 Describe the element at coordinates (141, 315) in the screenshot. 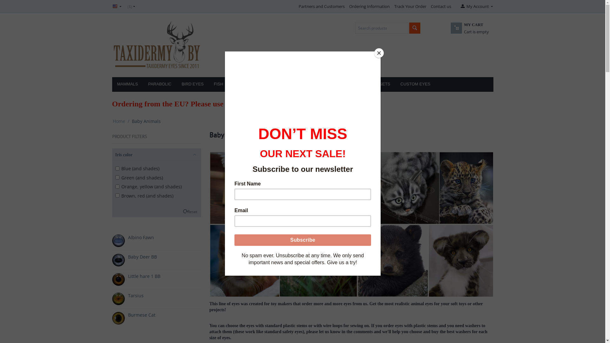

I see `'Burmese Cat'` at that location.